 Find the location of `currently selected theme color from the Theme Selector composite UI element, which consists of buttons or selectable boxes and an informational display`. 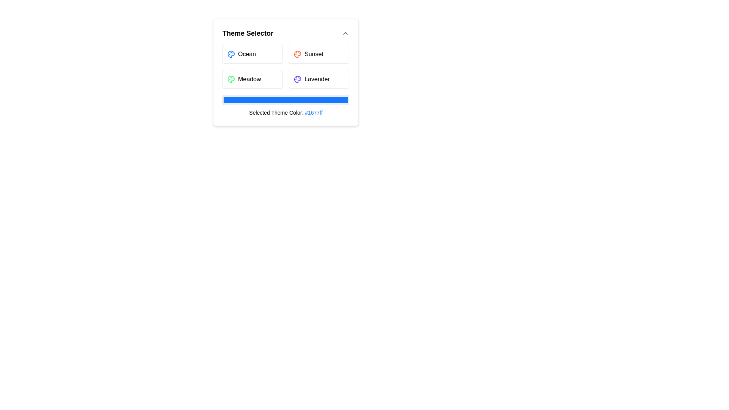

currently selected theme color from the Theme Selector composite UI element, which consists of buttons or selectable boxes and an informational display is located at coordinates (286, 80).